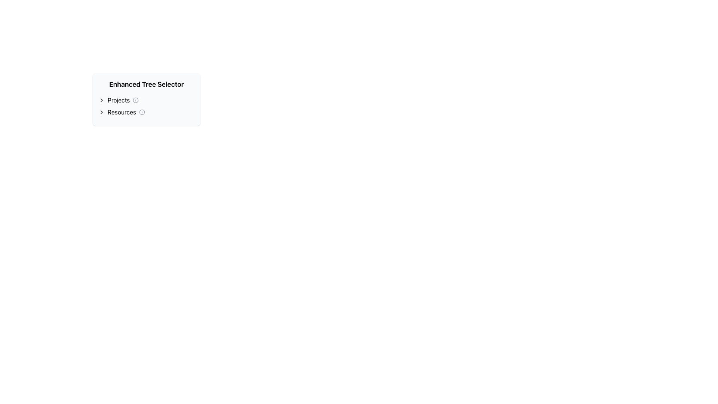 This screenshot has width=718, height=404. Describe the element at coordinates (101, 100) in the screenshot. I see `the Chevron icon in the 'Projects' section` at that location.